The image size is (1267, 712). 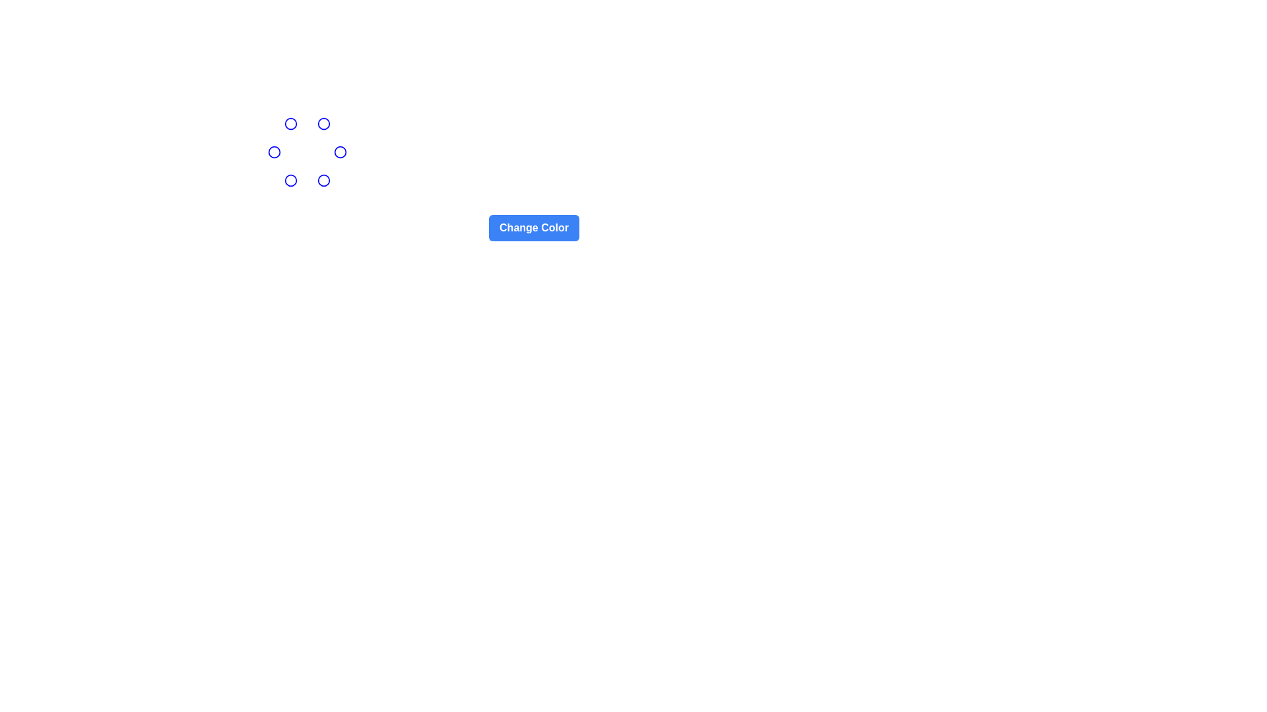 What do you see at coordinates (274, 152) in the screenshot?
I see `the blue stroke circular outline element located at the leftmost end of the group of circular SVG elements` at bounding box center [274, 152].